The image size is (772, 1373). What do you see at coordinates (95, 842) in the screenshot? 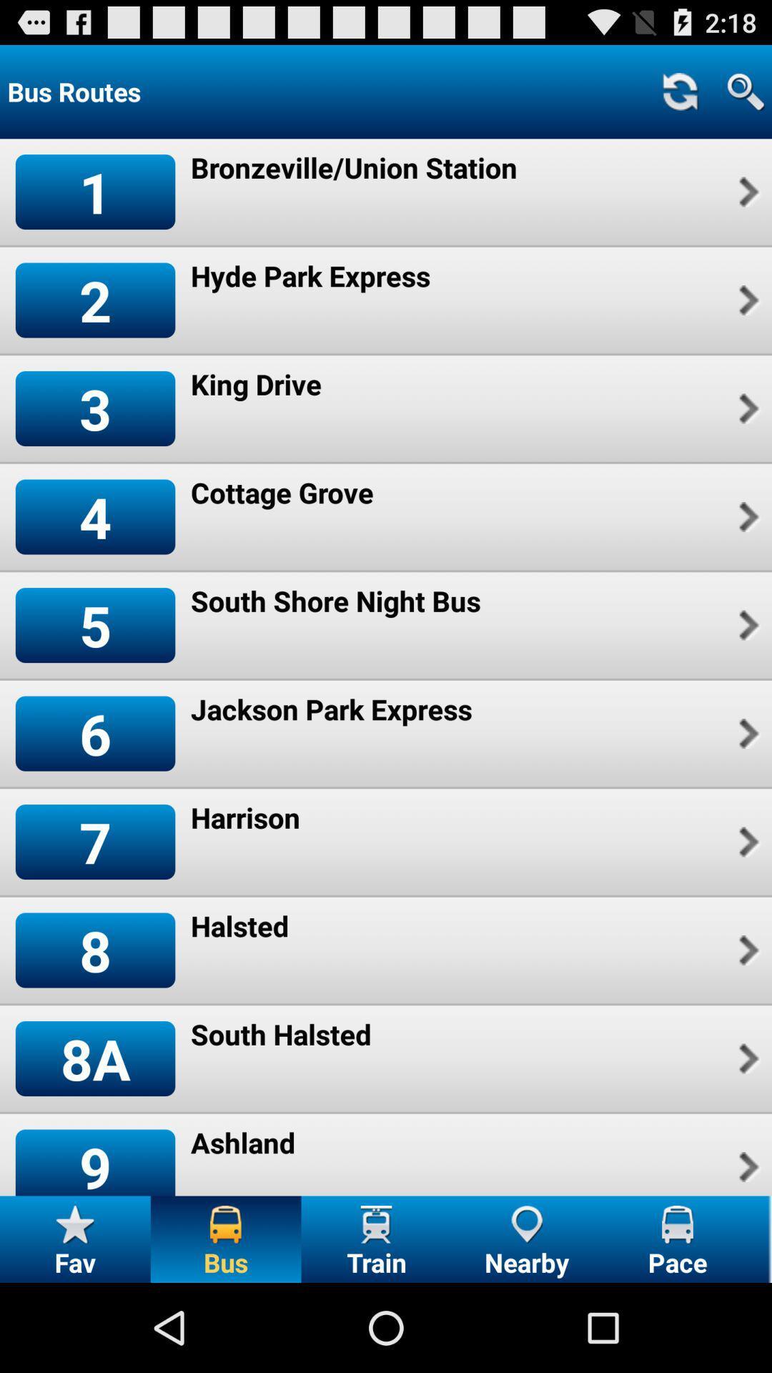
I see `icon below 6 icon` at bounding box center [95, 842].